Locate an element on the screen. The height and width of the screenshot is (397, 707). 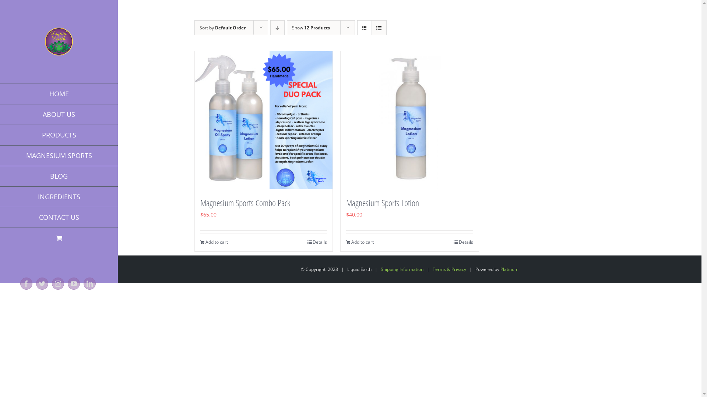
'Magnesium Sports Lotion' is located at coordinates (382, 203).